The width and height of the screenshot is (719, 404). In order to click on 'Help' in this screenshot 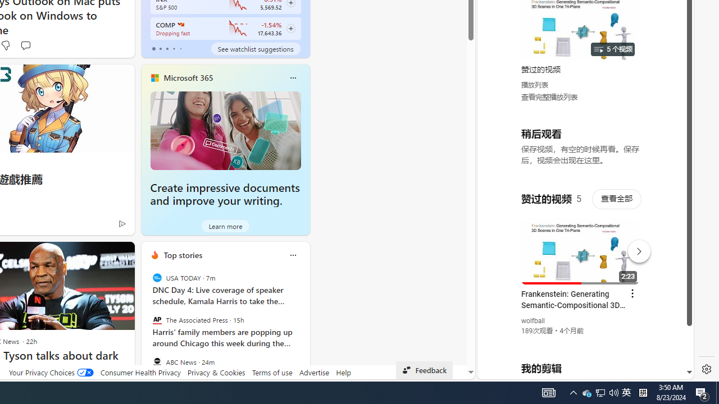, I will do `click(343, 372)`.